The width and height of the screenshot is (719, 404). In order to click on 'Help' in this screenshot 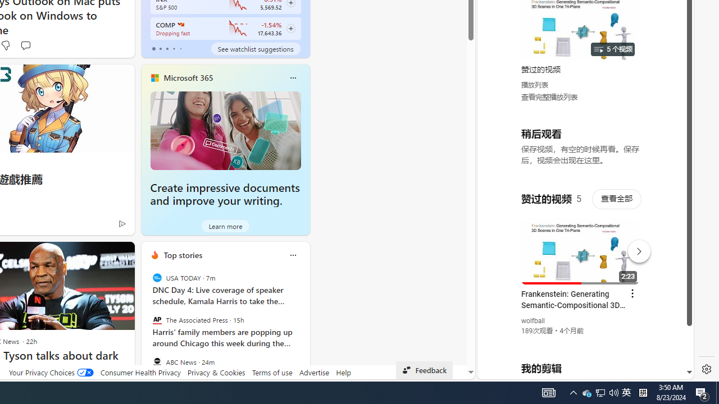, I will do `click(343, 372)`.